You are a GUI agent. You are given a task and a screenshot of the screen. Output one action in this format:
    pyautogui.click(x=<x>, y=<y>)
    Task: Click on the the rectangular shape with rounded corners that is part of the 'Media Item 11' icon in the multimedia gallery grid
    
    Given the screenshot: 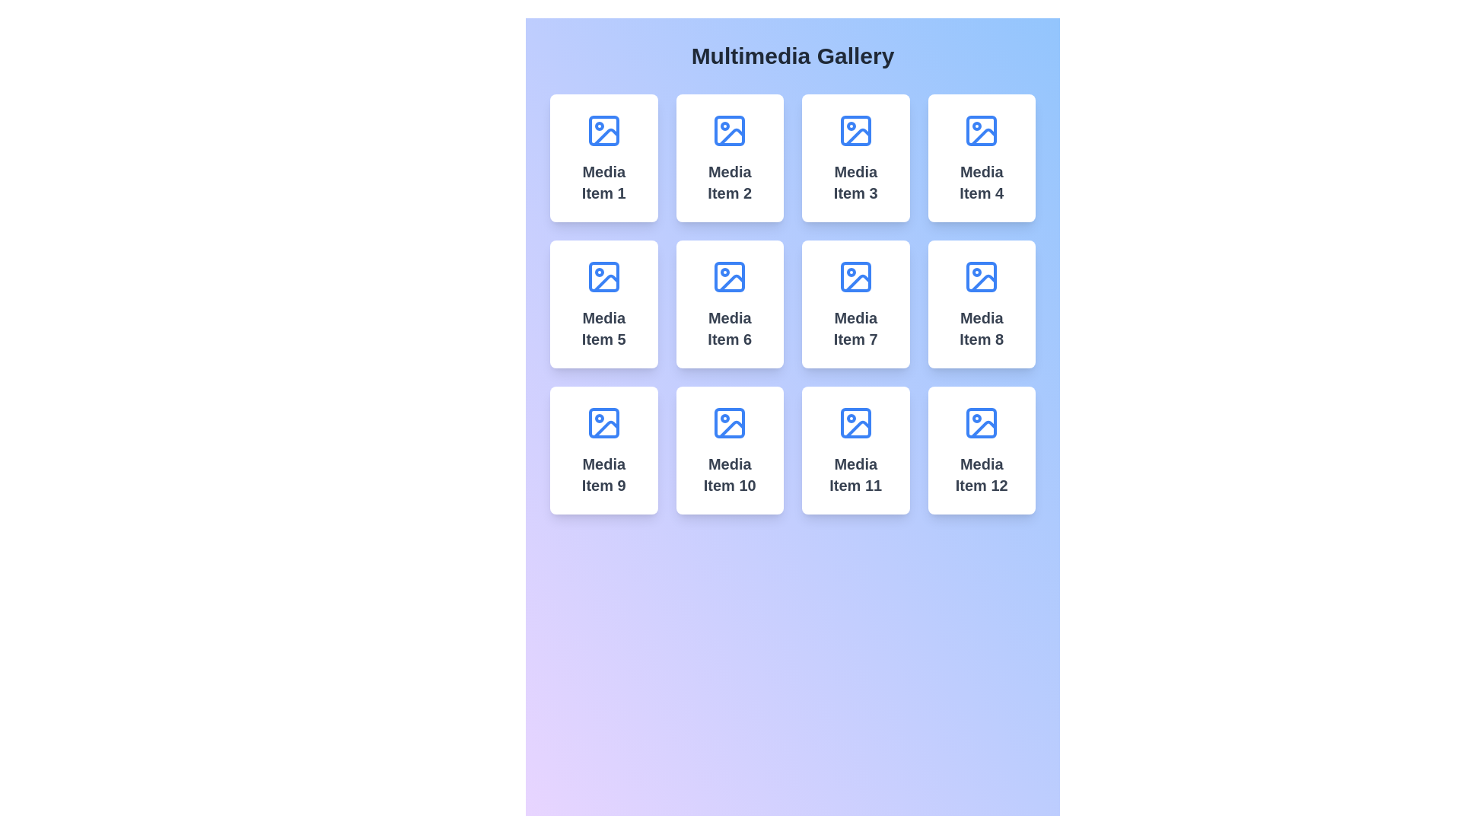 What is the action you would take?
    pyautogui.click(x=855, y=422)
    